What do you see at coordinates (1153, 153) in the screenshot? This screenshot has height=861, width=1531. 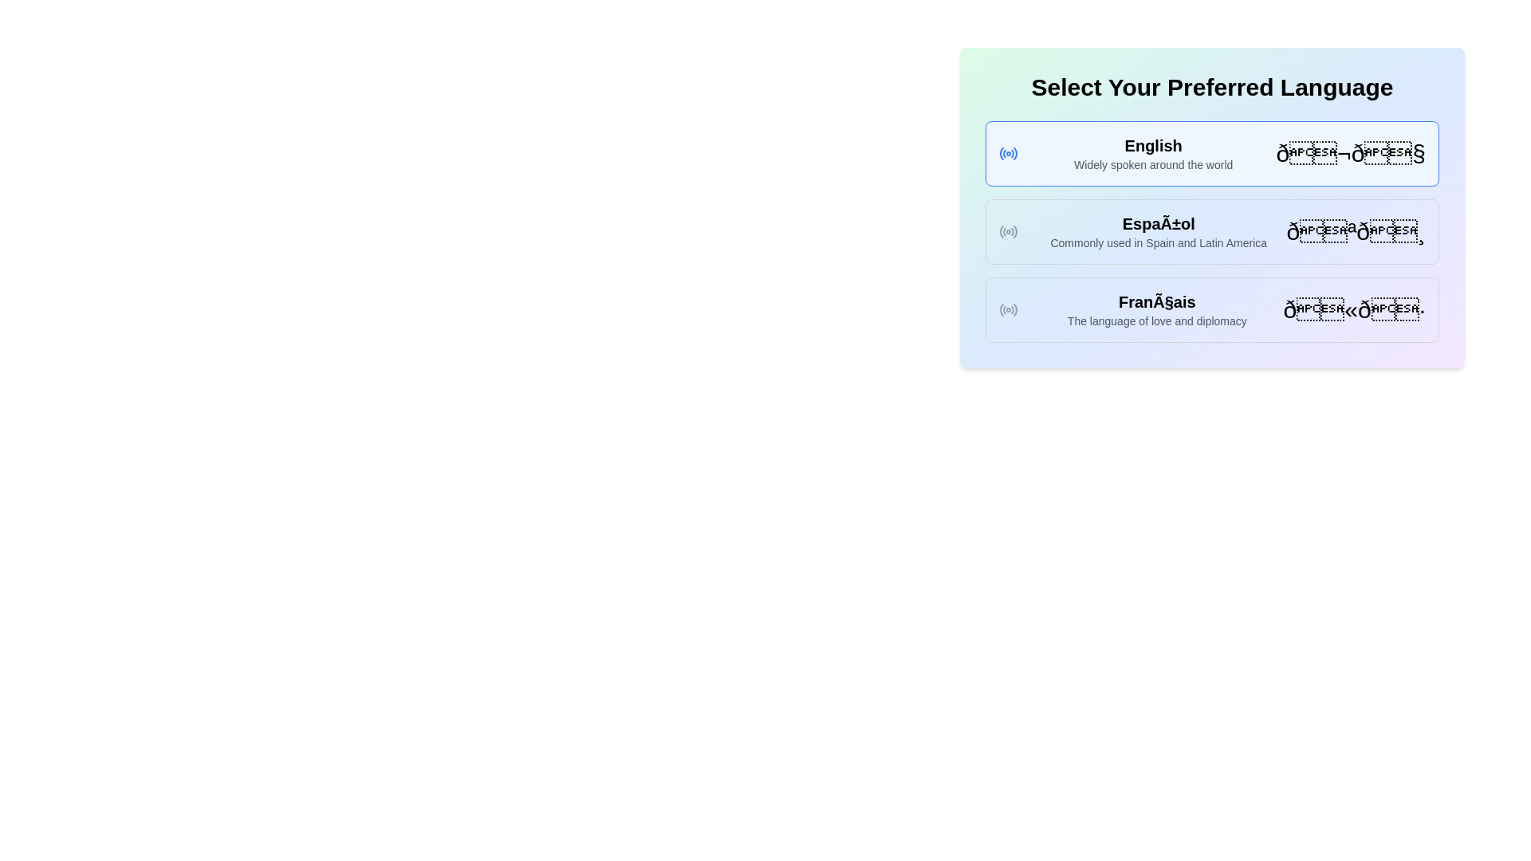 I see `the text element that displays 'English' and its subtitle 'Widely spoken around the world', located directly below 'Select Your Preferred Language'` at bounding box center [1153, 153].